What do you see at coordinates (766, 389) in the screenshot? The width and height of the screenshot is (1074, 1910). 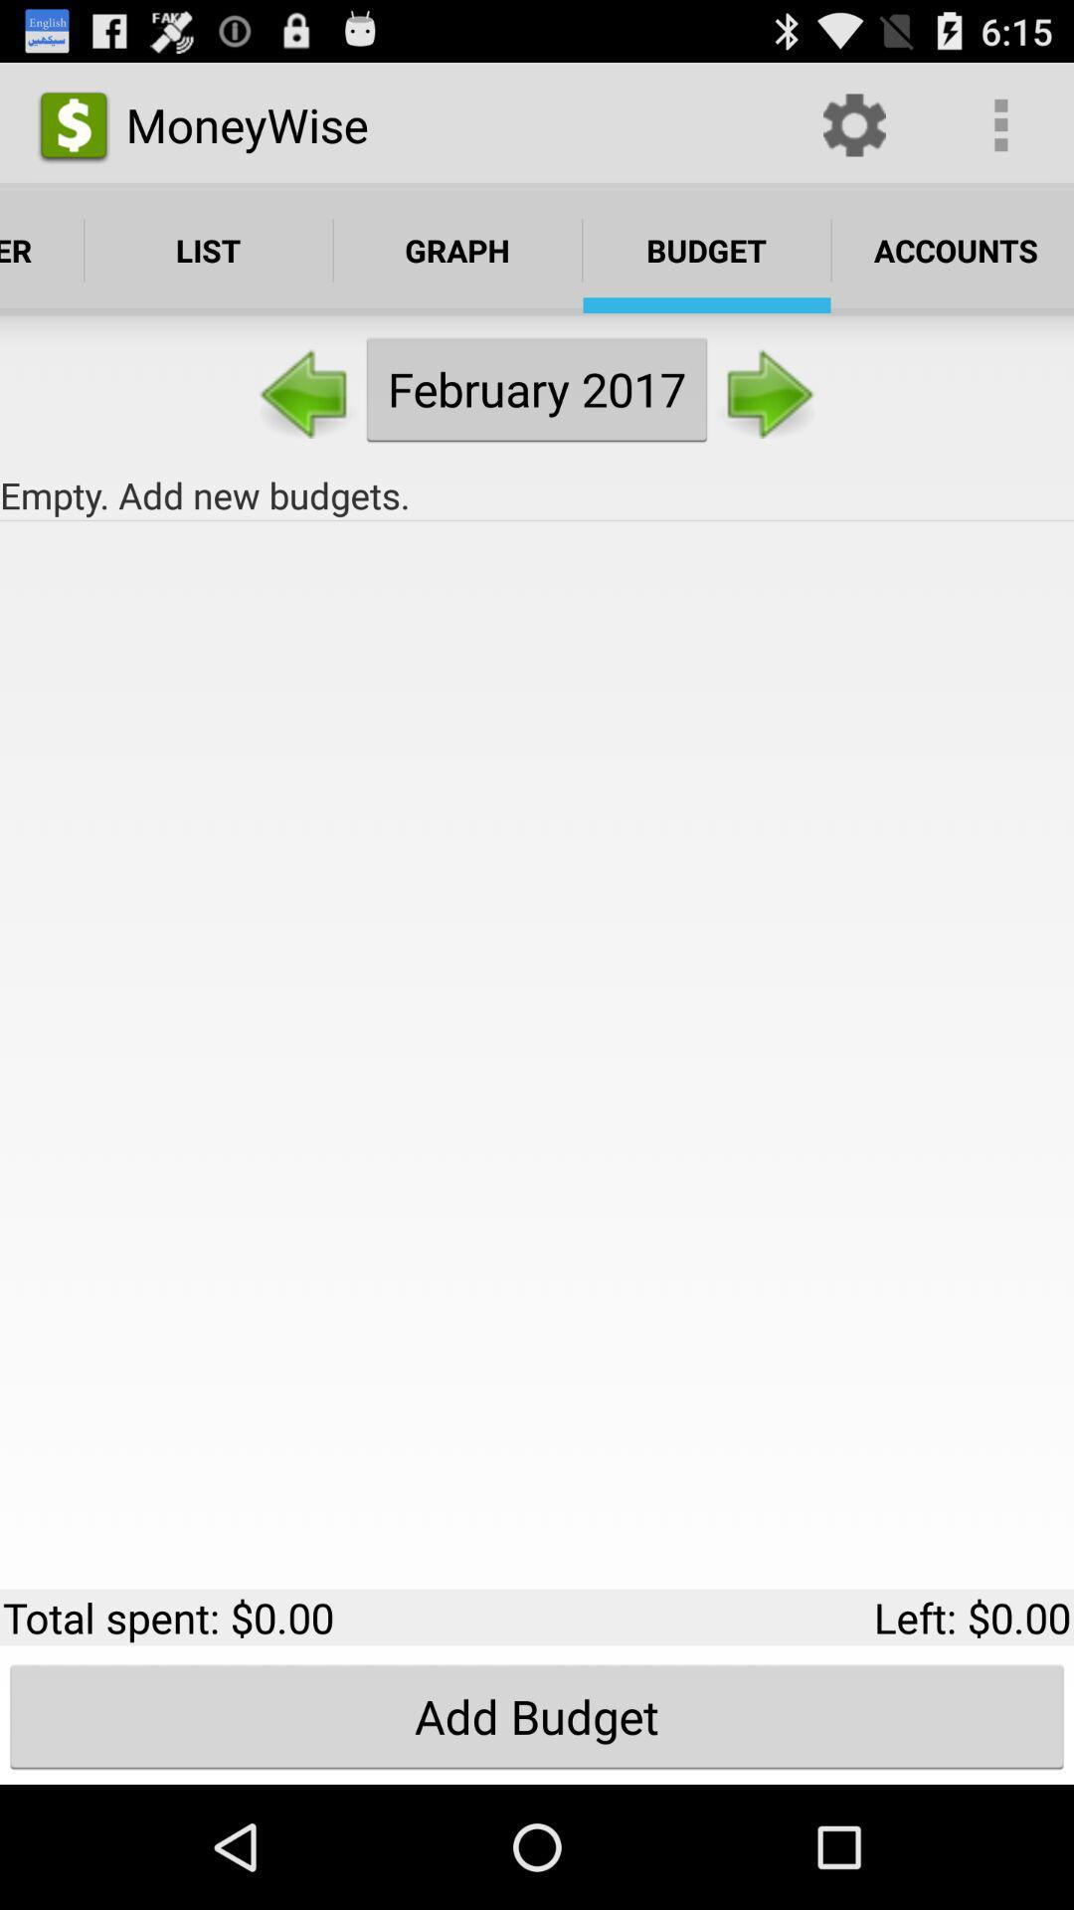 I see `icon below budget item` at bounding box center [766, 389].